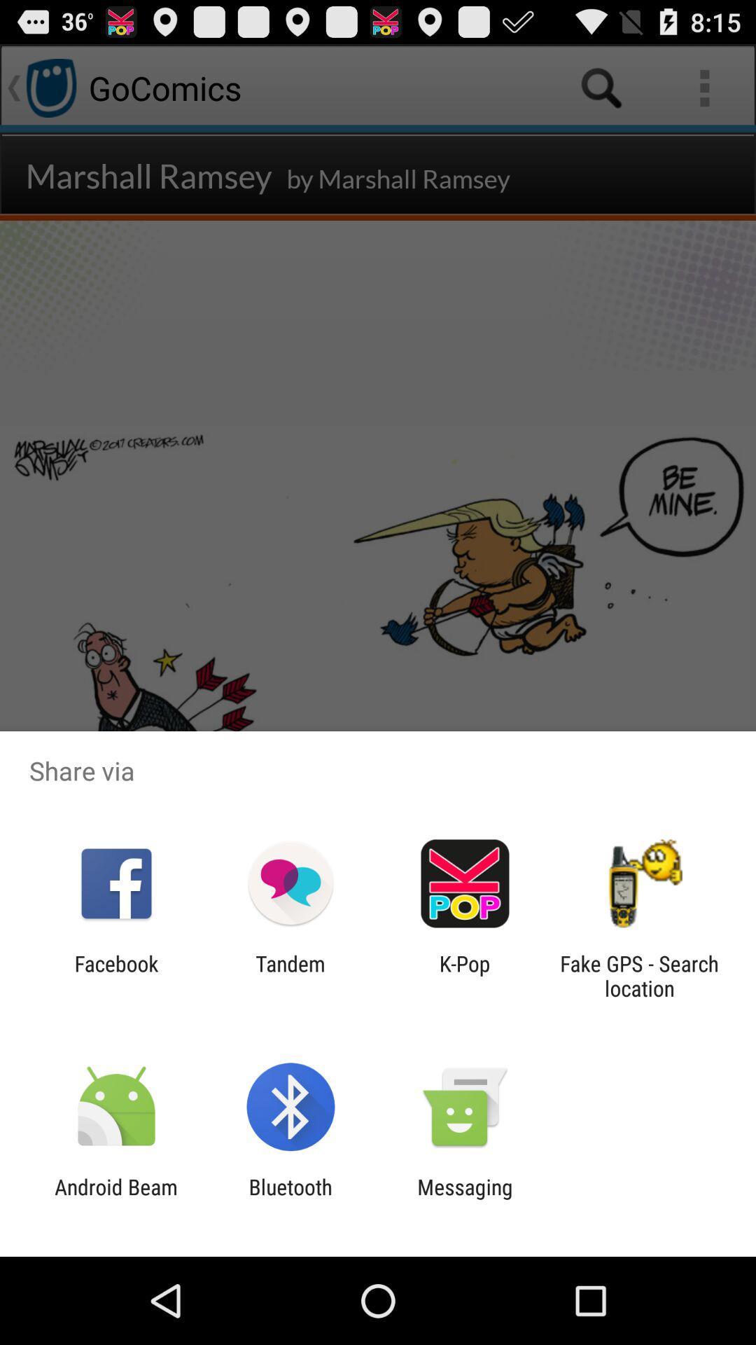 The width and height of the screenshot is (756, 1345). Describe the element at coordinates (639, 975) in the screenshot. I see `icon at the bottom right corner` at that location.